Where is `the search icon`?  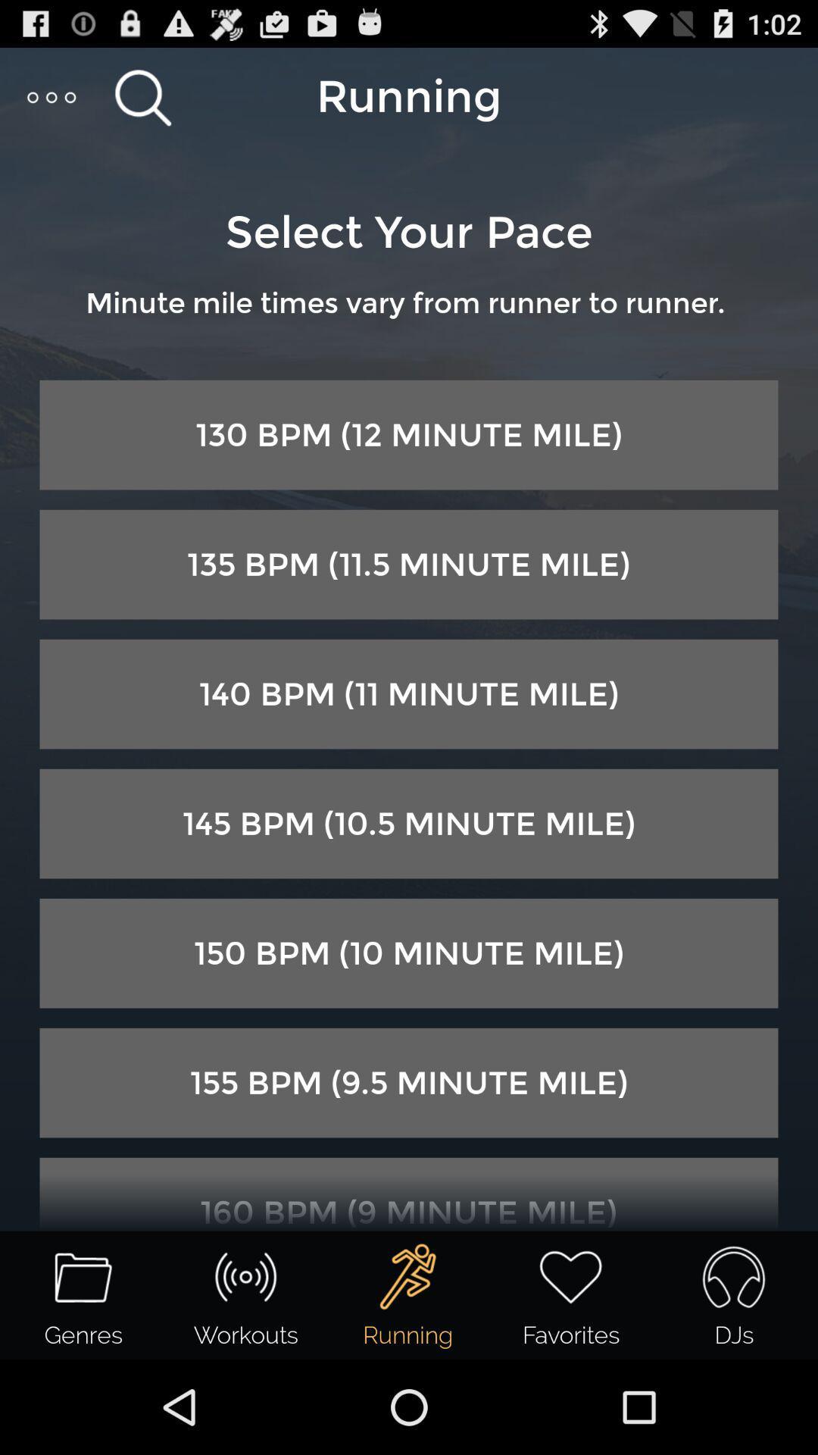 the search icon is located at coordinates (142, 103).